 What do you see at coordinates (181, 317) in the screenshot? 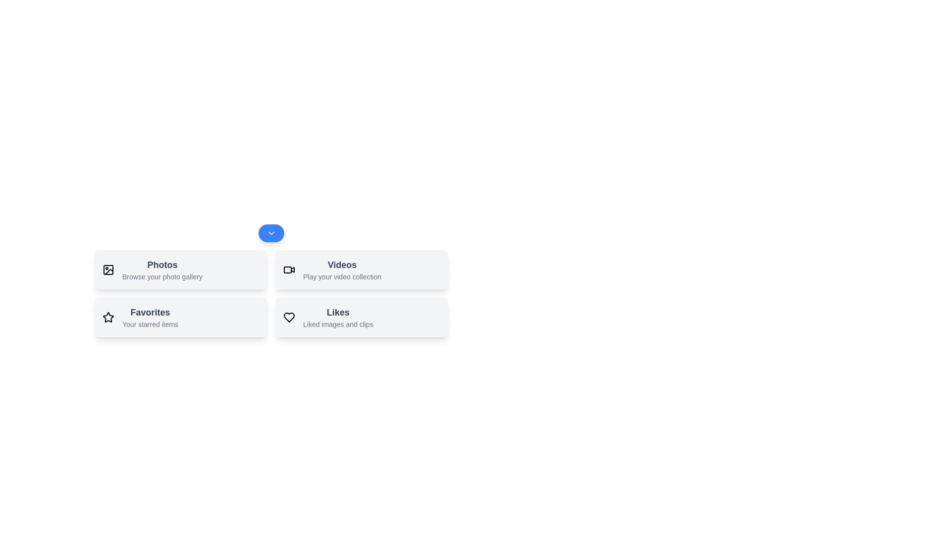
I see `the action Favorites by clicking its respective button` at bounding box center [181, 317].